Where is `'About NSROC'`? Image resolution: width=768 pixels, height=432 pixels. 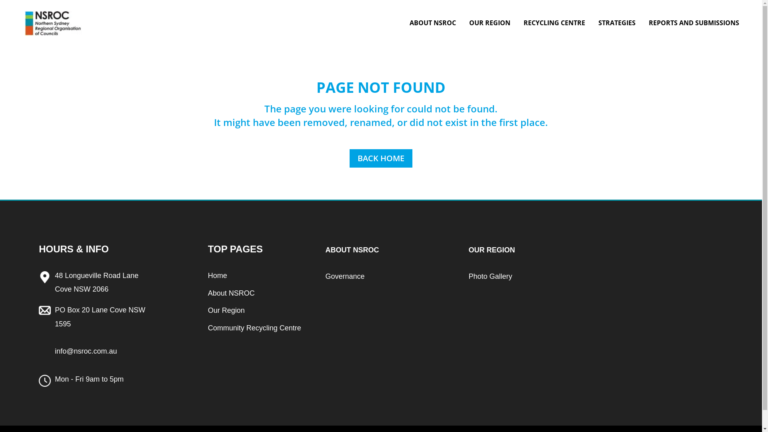 'About NSROC' is located at coordinates (231, 293).